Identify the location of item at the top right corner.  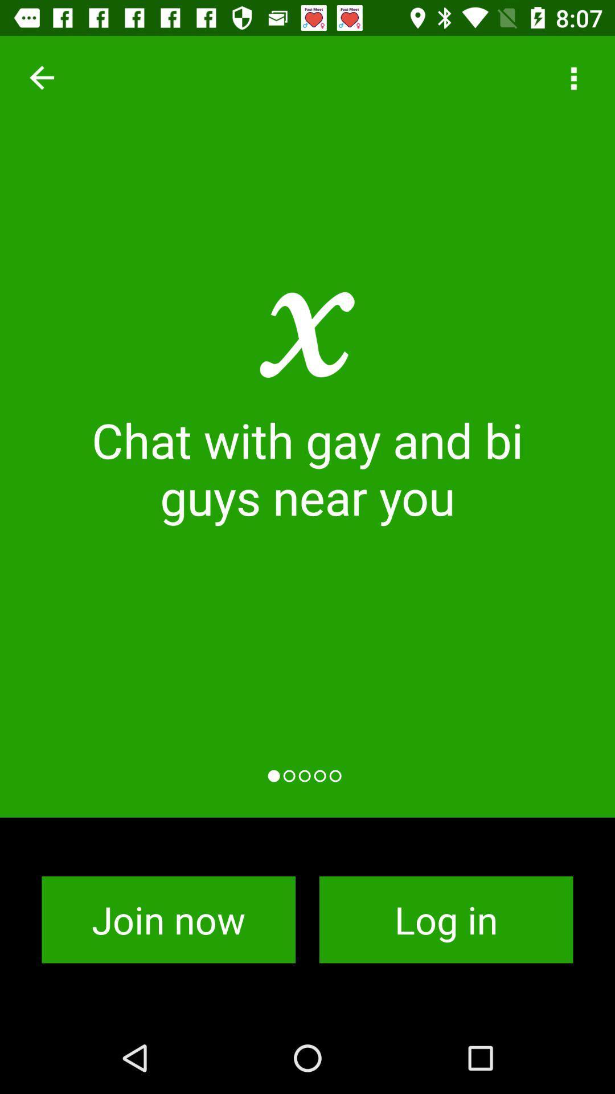
(573, 77).